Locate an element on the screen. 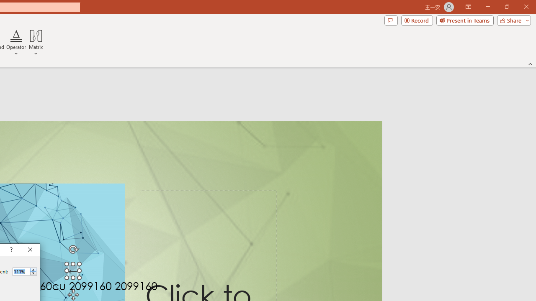  'Matrix' is located at coordinates (36, 43).